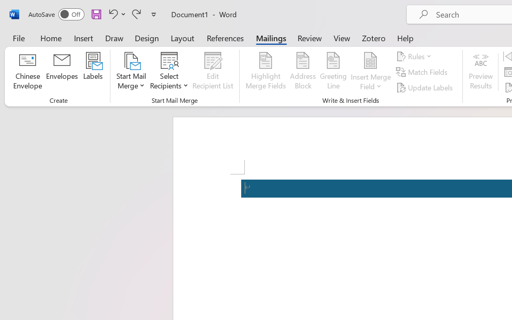  What do you see at coordinates (422, 72) in the screenshot?
I see `'Match Fields...'` at bounding box center [422, 72].